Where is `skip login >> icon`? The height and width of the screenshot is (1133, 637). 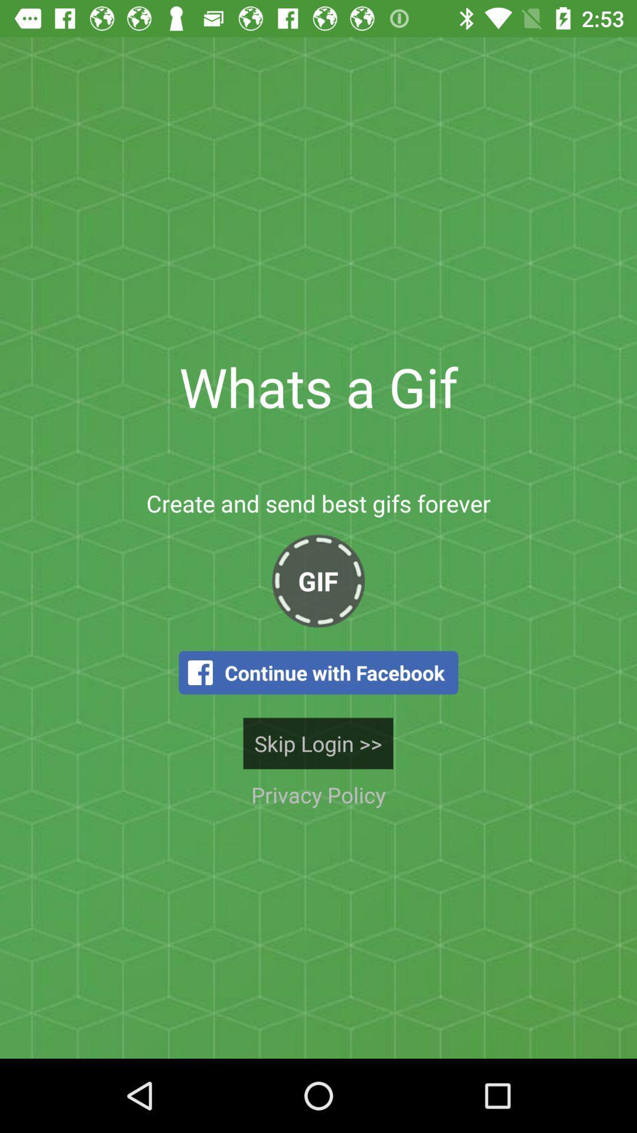 skip login >> icon is located at coordinates (317, 742).